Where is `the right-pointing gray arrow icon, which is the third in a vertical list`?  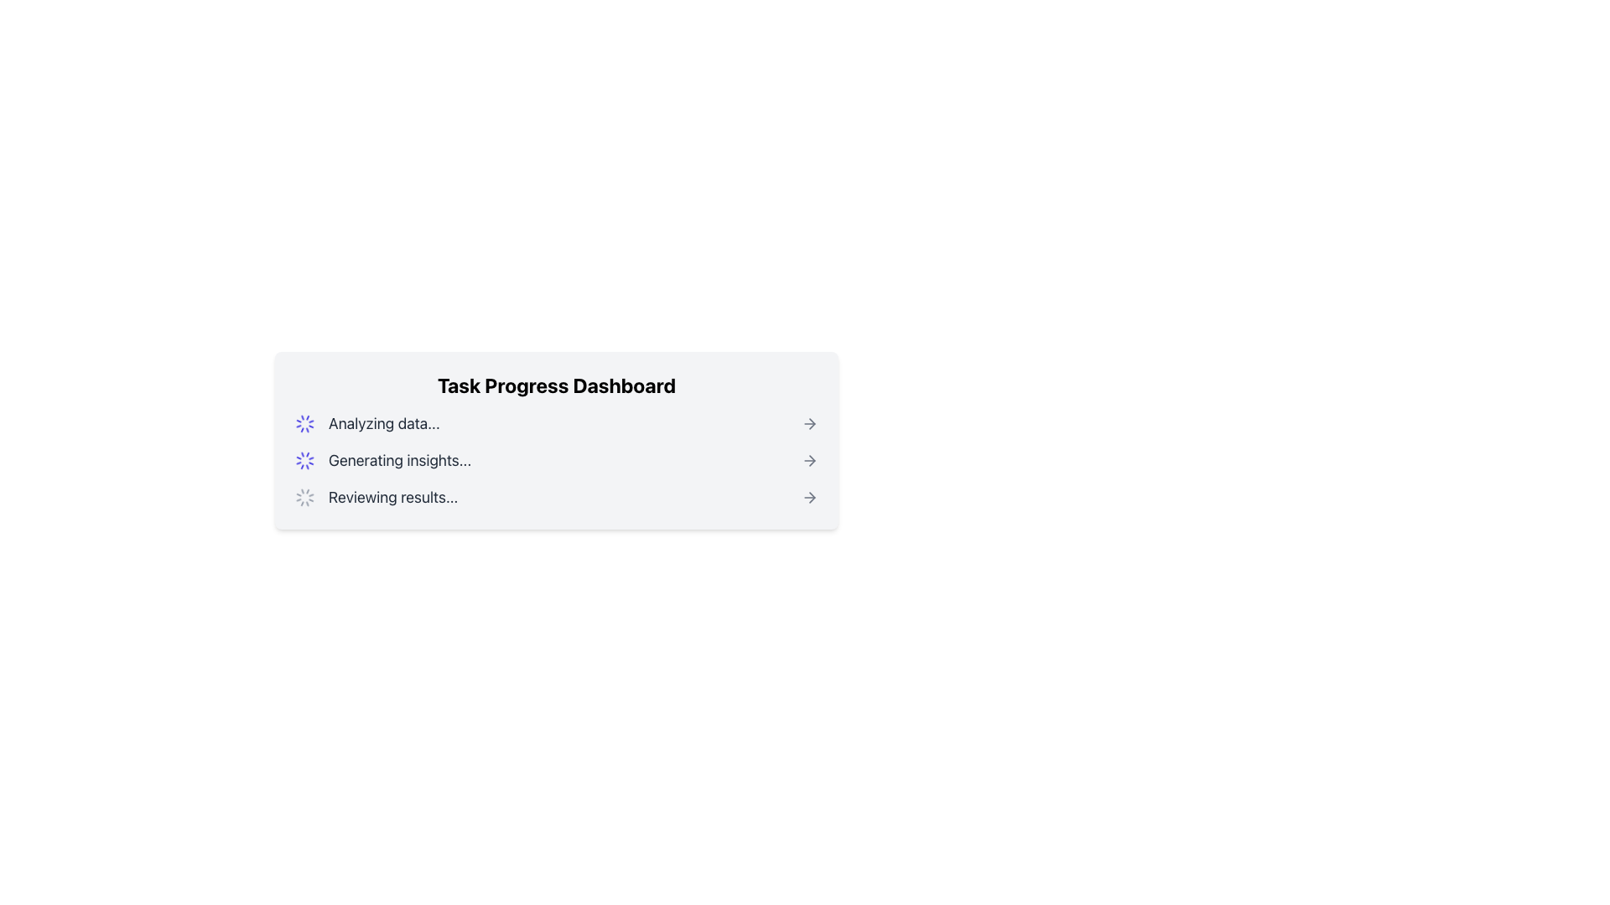
the right-pointing gray arrow icon, which is the third in a vertical list is located at coordinates (809, 461).